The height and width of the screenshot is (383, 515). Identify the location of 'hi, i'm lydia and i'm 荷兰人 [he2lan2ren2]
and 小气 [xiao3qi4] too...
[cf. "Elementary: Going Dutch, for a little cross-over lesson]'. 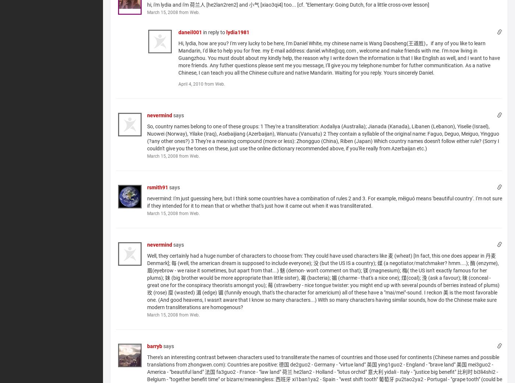
(288, 4).